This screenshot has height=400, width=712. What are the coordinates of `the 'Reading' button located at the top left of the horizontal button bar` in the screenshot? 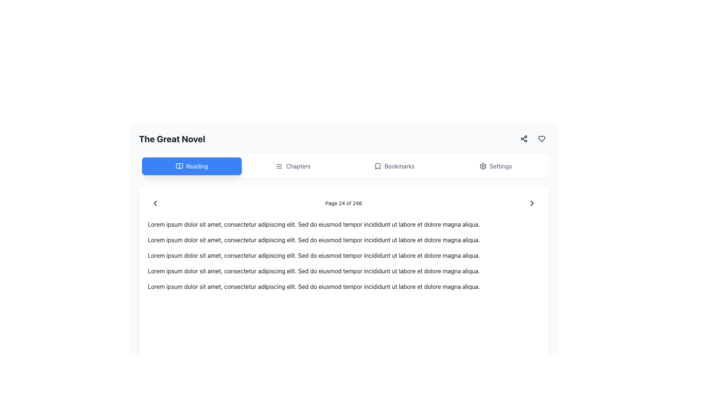 It's located at (192, 166).